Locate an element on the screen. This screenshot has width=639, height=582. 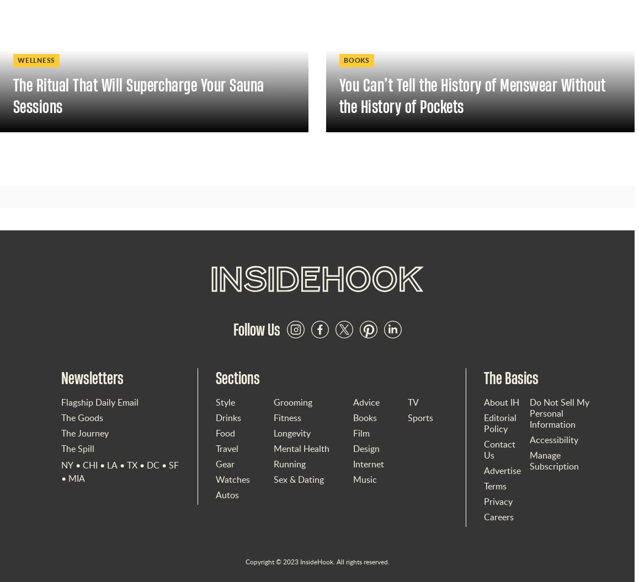
'You Can’t Tell the History of Menswear Without the History of Pockets' is located at coordinates (471, 95).